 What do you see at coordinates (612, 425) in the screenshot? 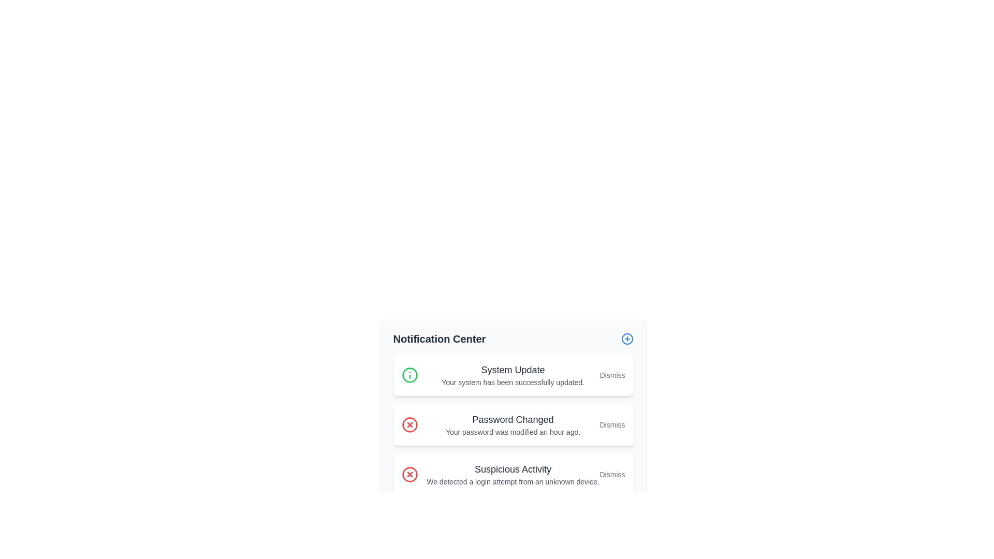
I see `the 'Dismiss' text-based interactive button located at the far-right side of the 'Password Changed' notification card to underline the text` at bounding box center [612, 425].